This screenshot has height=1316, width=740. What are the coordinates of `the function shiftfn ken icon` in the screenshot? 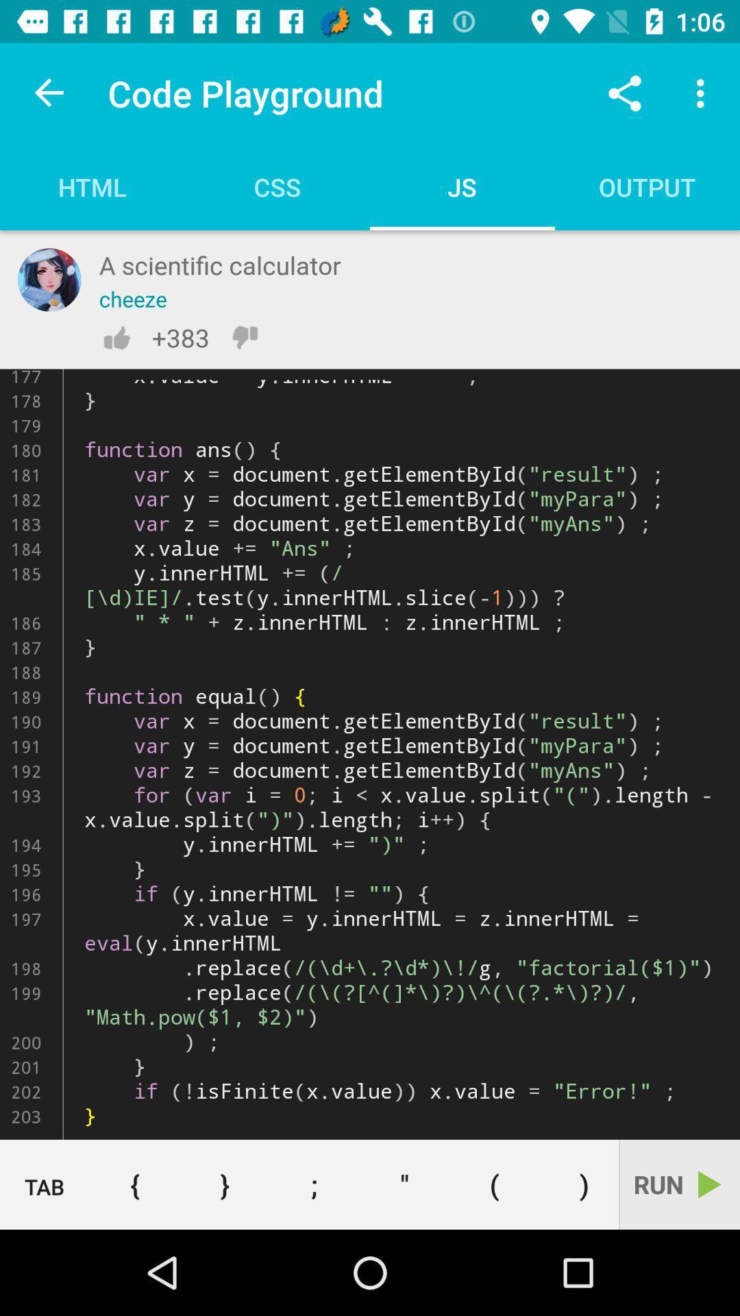 It's located at (370, 753).